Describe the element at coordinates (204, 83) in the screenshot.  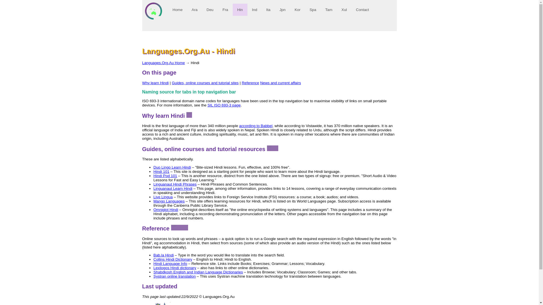
I see `'Guides, online courses and tutorial sites'` at that location.